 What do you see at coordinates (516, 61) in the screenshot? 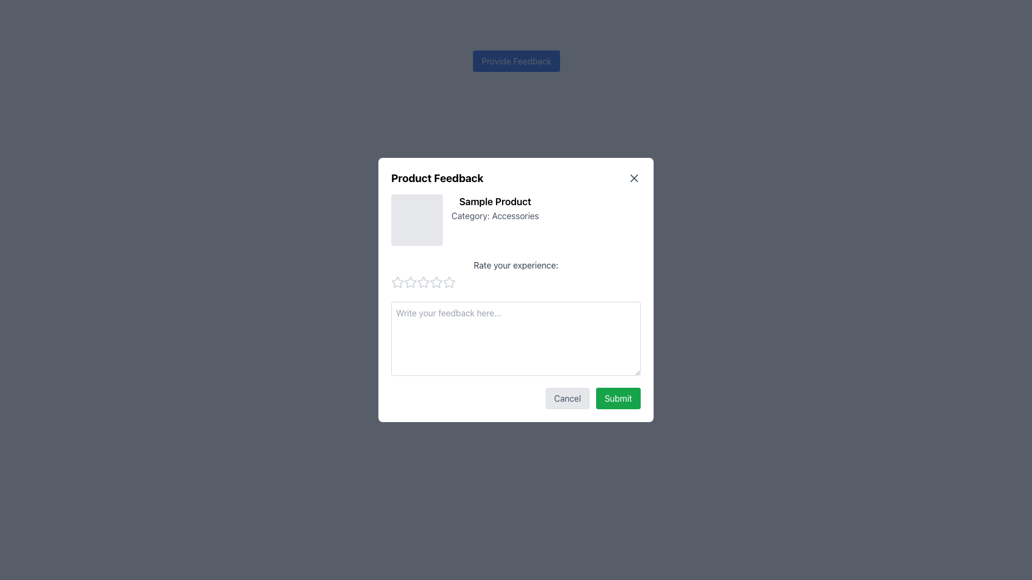
I see `the feedback button located at the top portion of the interface` at bounding box center [516, 61].